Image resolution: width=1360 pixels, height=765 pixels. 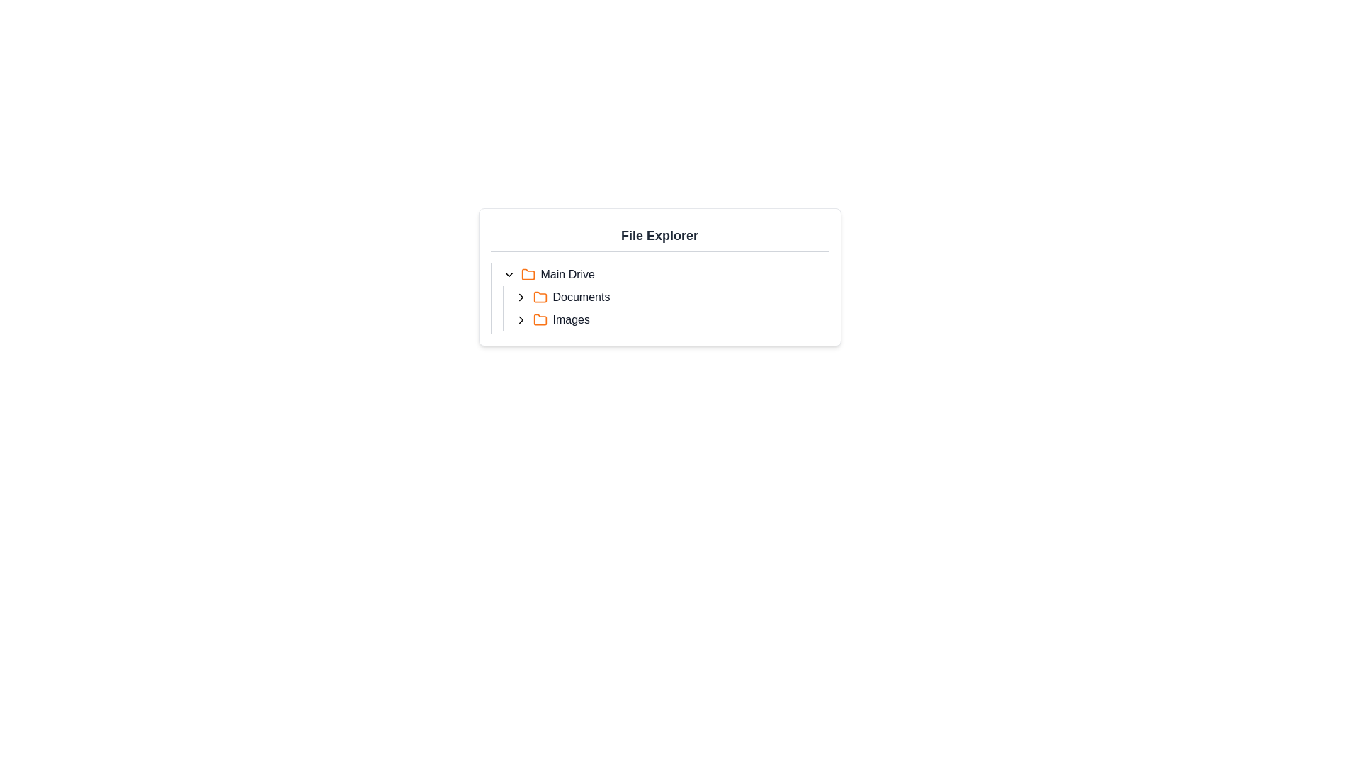 What do you see at coordinates (539, 297) in the screenshot?
I see `the folder icon with an orange outline located next to the text 'Documents' in the second row of the file structure` at bounding box center [539, 297].